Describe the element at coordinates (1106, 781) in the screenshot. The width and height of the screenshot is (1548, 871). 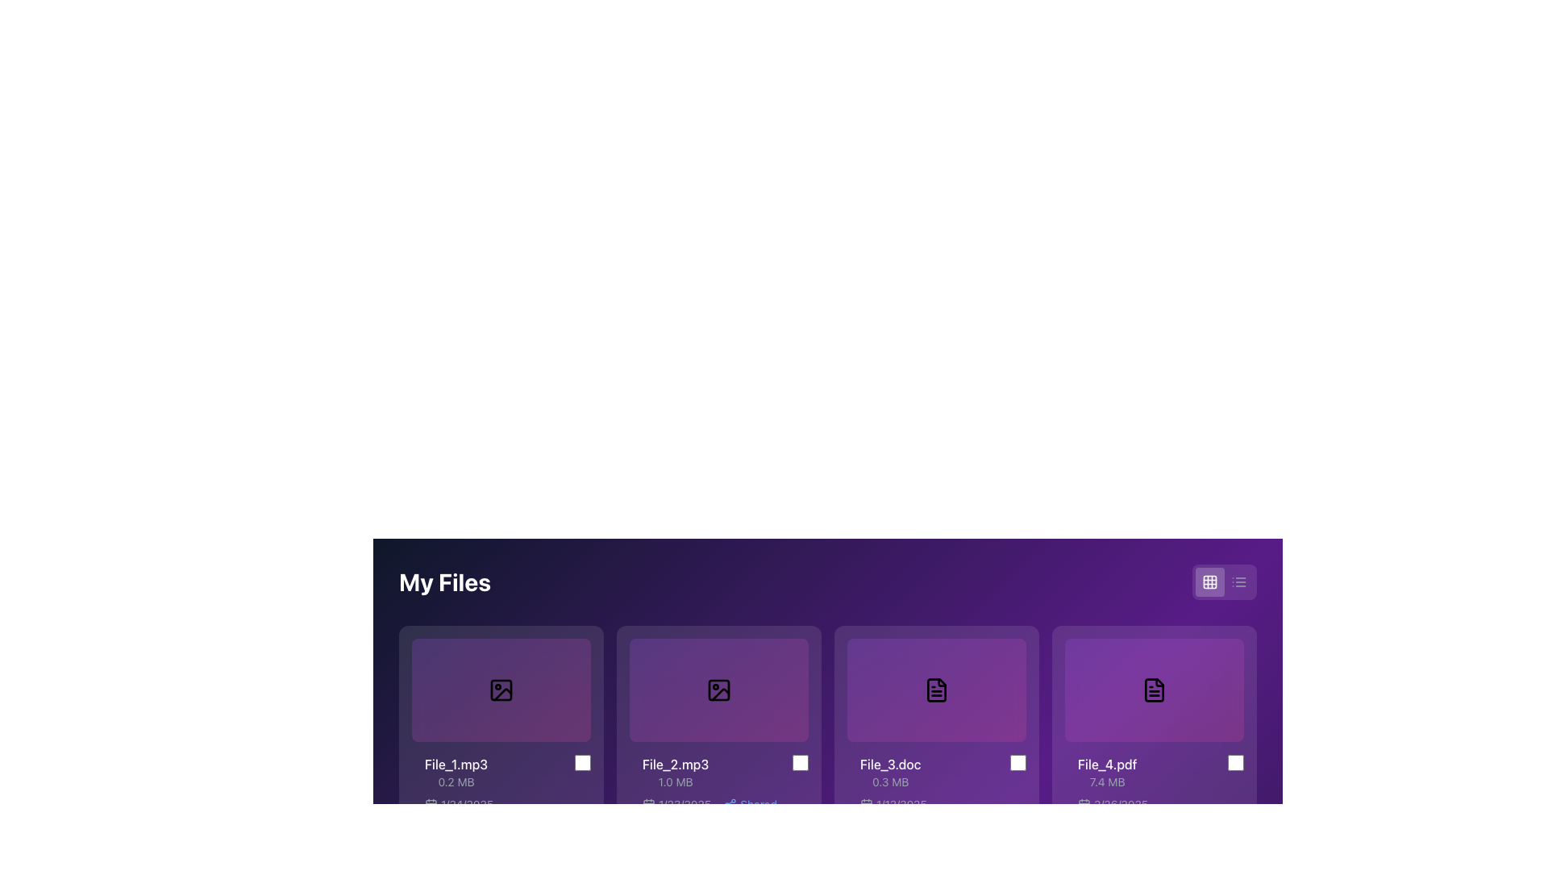
I see `text value displayed in the Text label indicating the file size for the file 'File_4.pdf', which is located beneath the file name within the card labeled 'File_4.pdf'` at that location.